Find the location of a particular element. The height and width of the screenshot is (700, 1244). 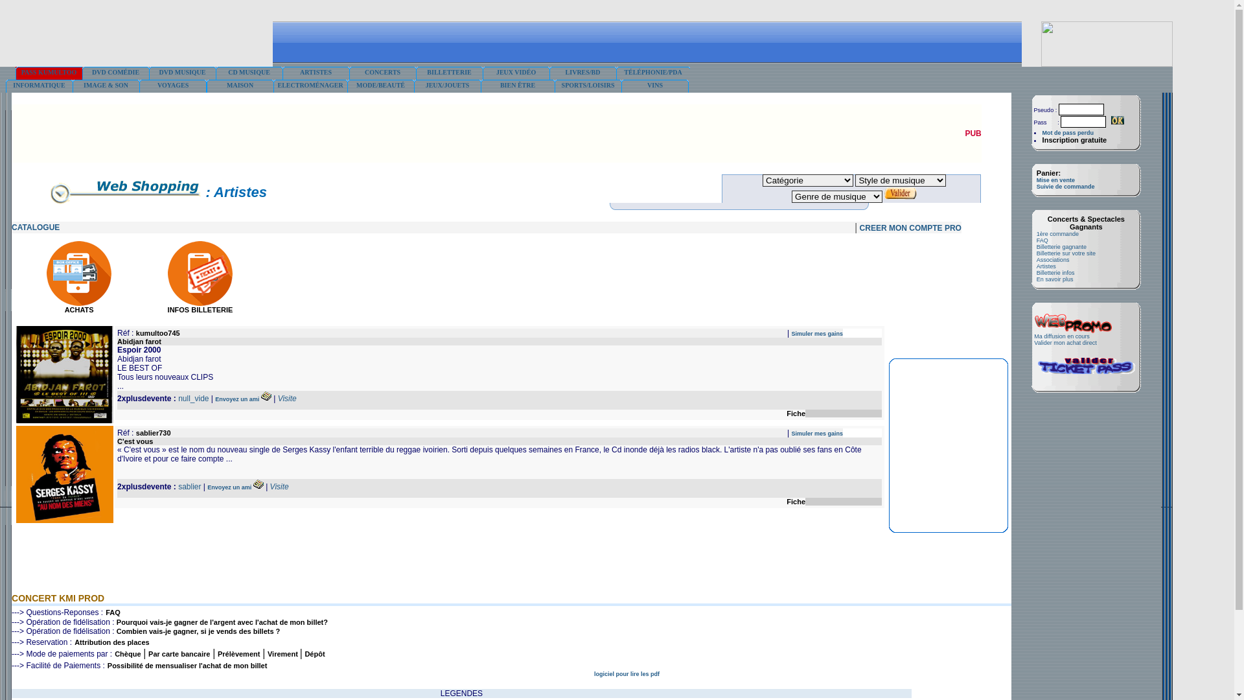

'Inscription gratuite' is located at coordinates (1042, 140).